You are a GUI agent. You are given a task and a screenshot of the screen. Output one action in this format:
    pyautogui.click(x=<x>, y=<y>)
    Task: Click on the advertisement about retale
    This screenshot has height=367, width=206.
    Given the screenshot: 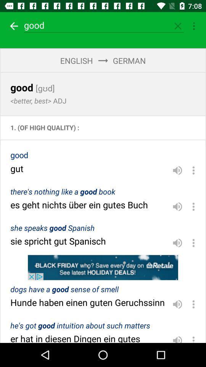 What is the action you would take?
    pyautogui.click(x=103, y=267)
    